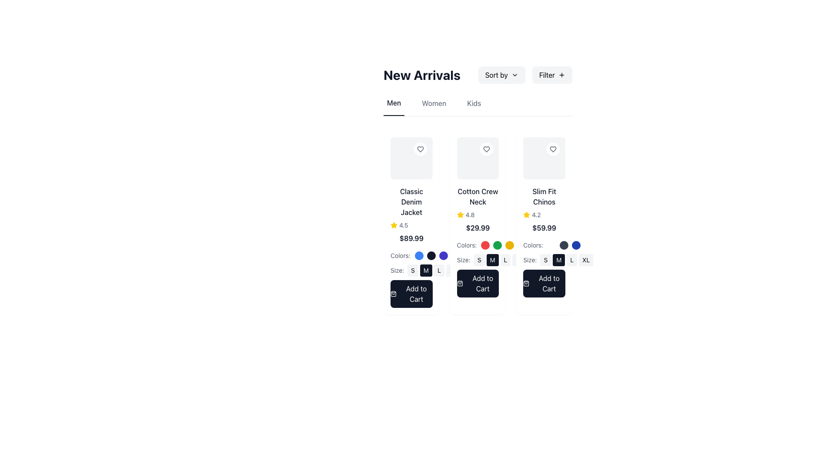  I want to click on the text label displaying the product name 'Slim Fit Chinos', which is located under the 'New Arrivals' section and is styled in a medium-weight dark gray font on a white background, so click(544, 196).